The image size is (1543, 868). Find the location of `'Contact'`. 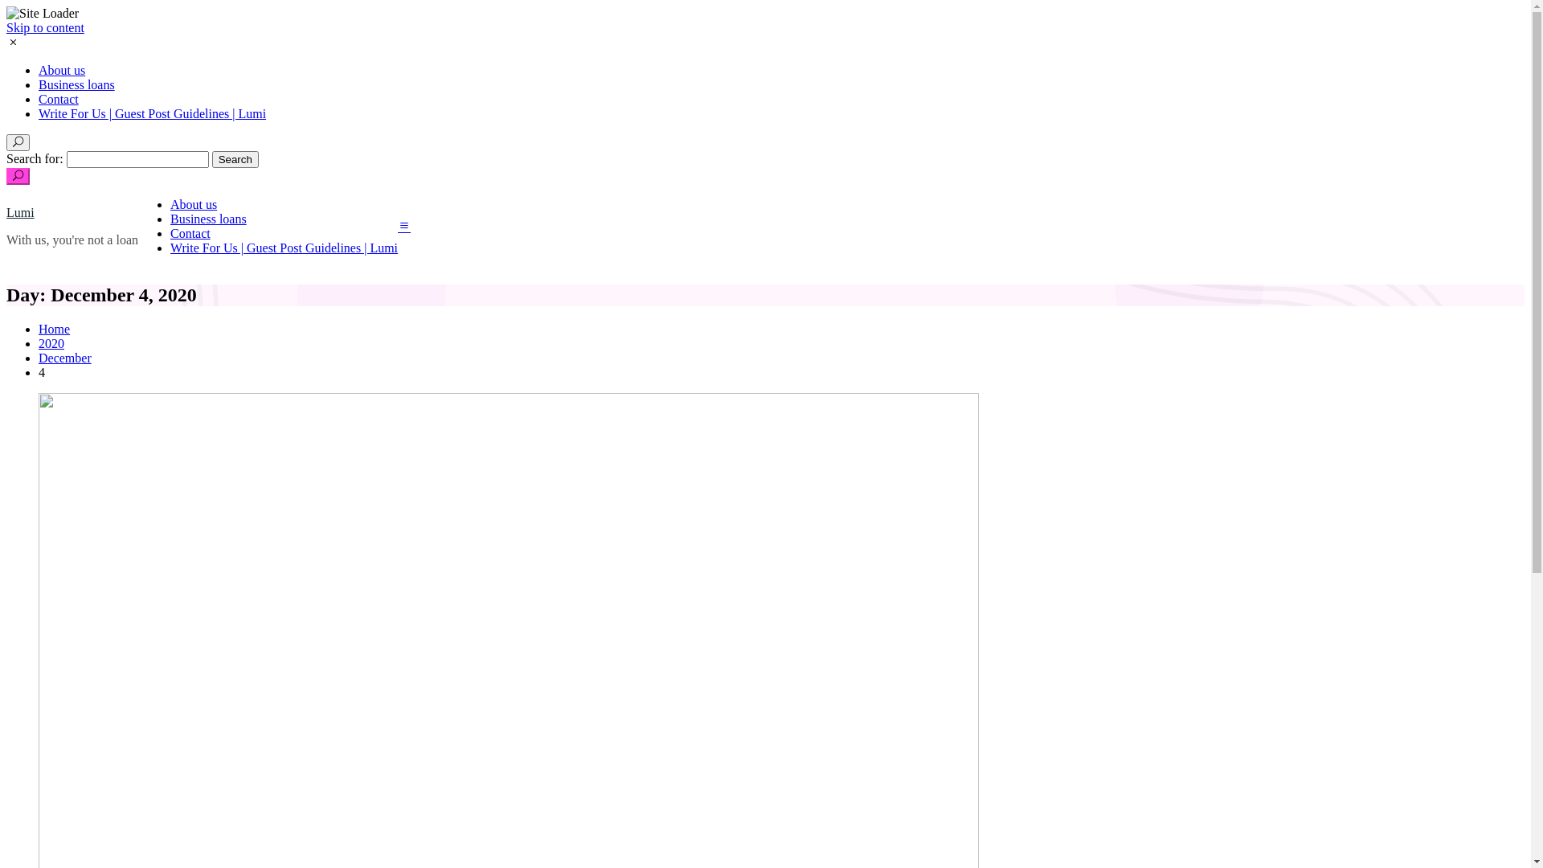

'Contact' is located at coordinates (190, 233).